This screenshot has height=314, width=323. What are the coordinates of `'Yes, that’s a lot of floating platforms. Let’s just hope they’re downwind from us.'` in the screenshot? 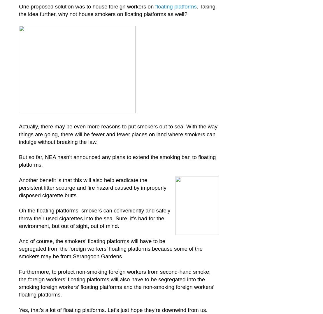 It's located at (113, 310).